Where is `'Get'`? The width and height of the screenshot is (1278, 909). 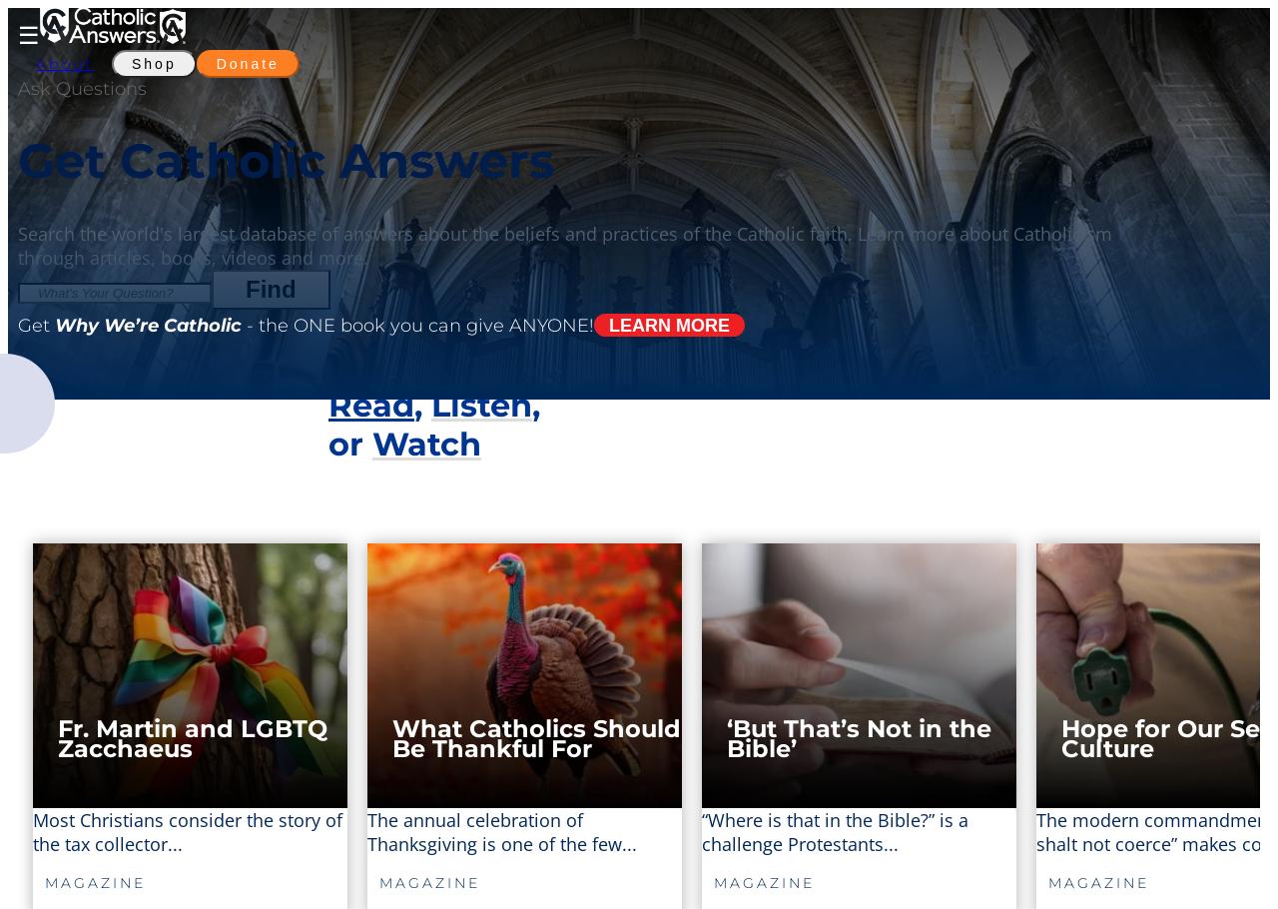
'Get' is located at coordinates (36, 324).